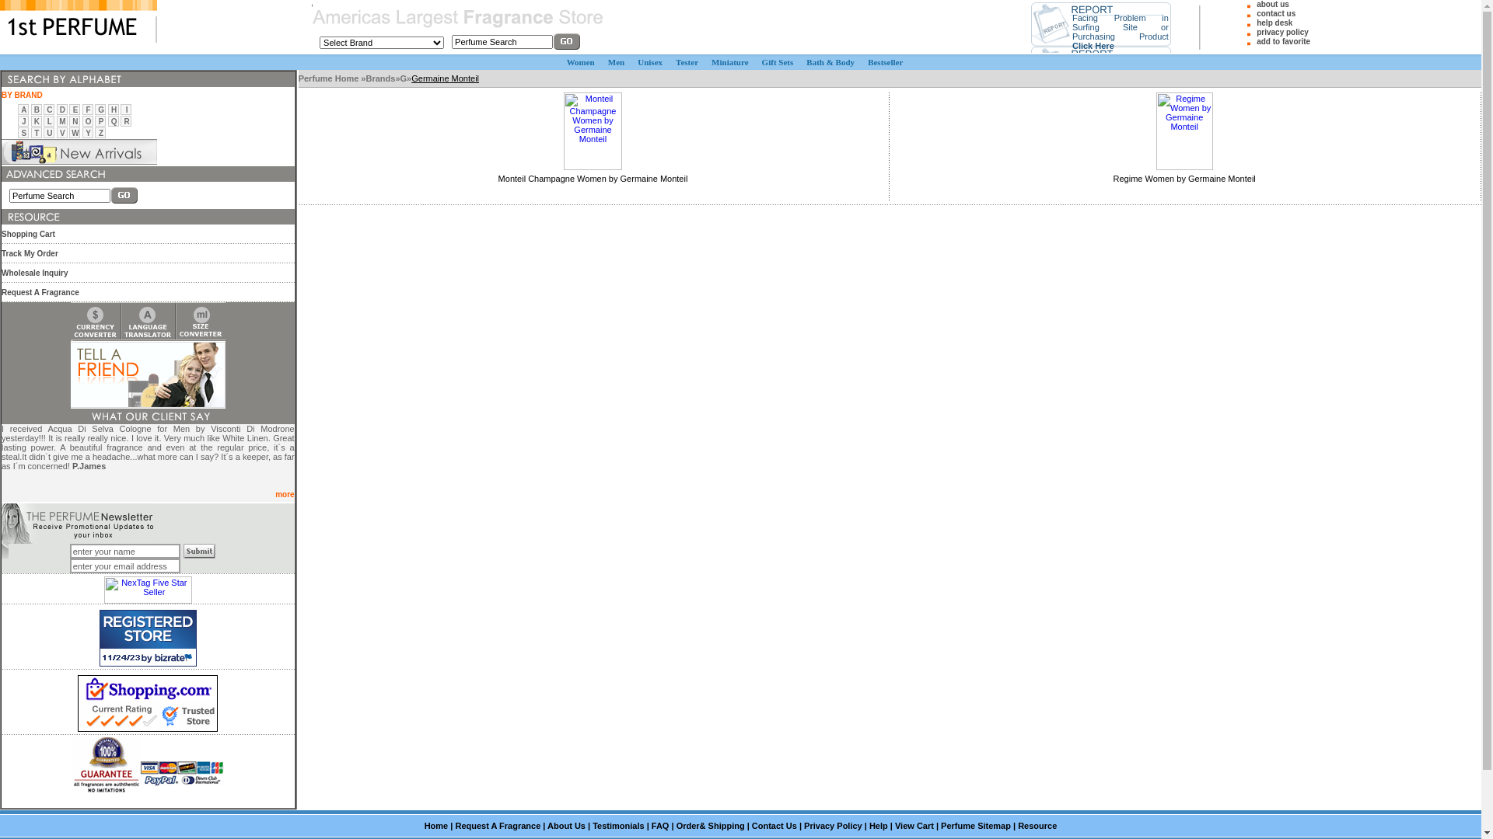 The height and width of the screenshot is (839, 1493). Describe the element at coordinates (1257, 40) in the screenshot. I see `'add to favorite'` at that location.